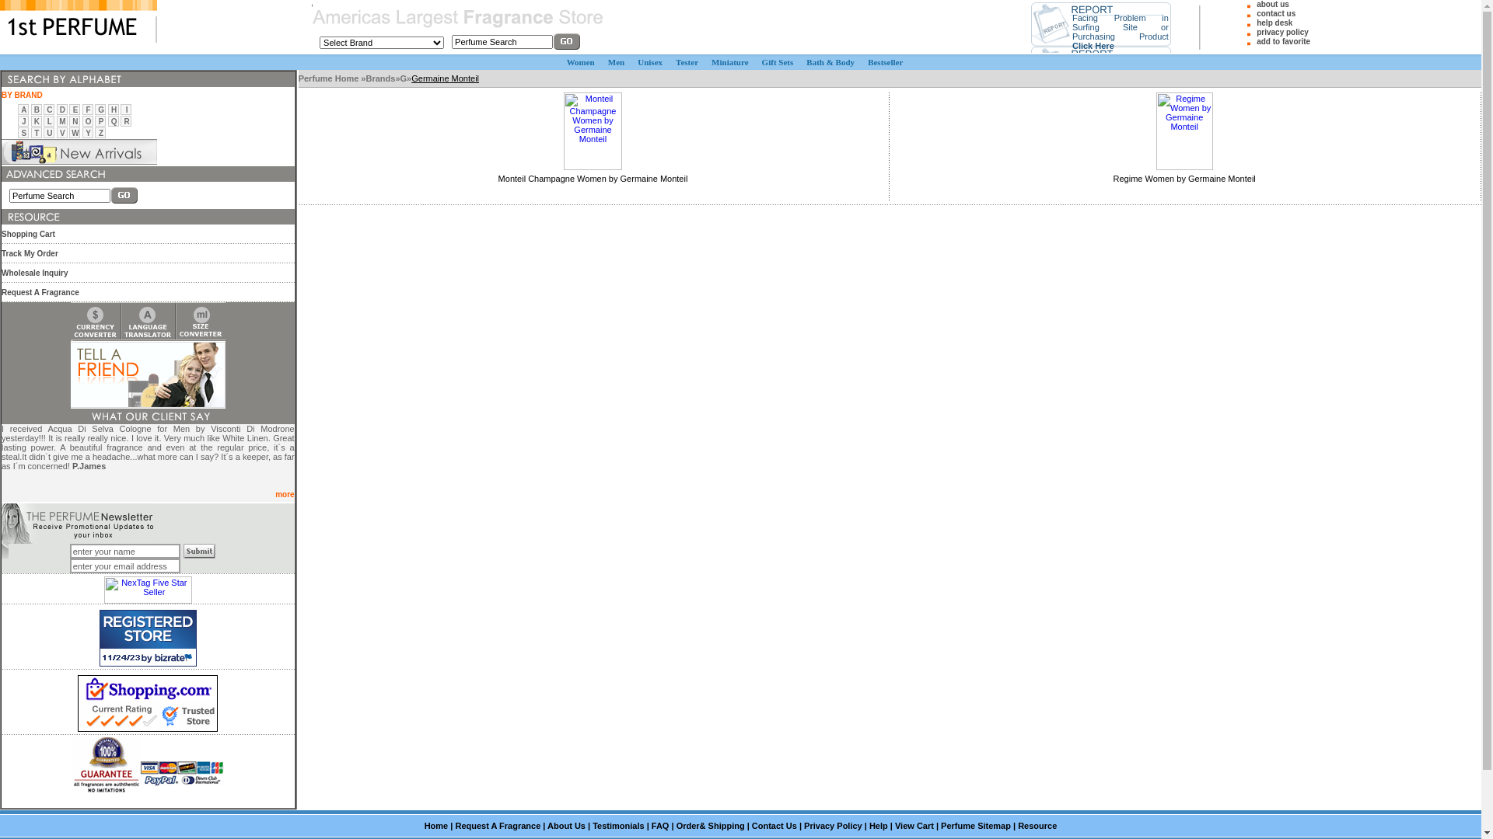 The height and width of the screenshot is (839, 1493). Describe the element at coordinates (1257, 40) in the screenshot. I see `'add to favorite'` at that location.